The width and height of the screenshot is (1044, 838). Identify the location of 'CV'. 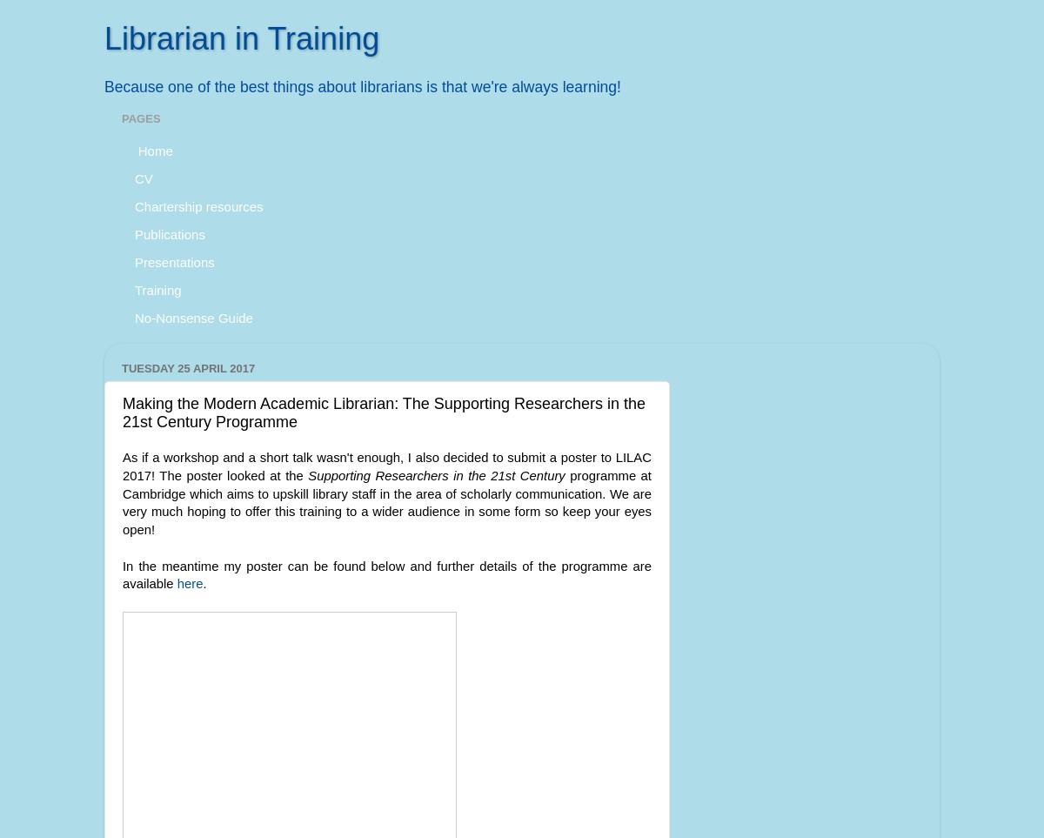
(143, 177).